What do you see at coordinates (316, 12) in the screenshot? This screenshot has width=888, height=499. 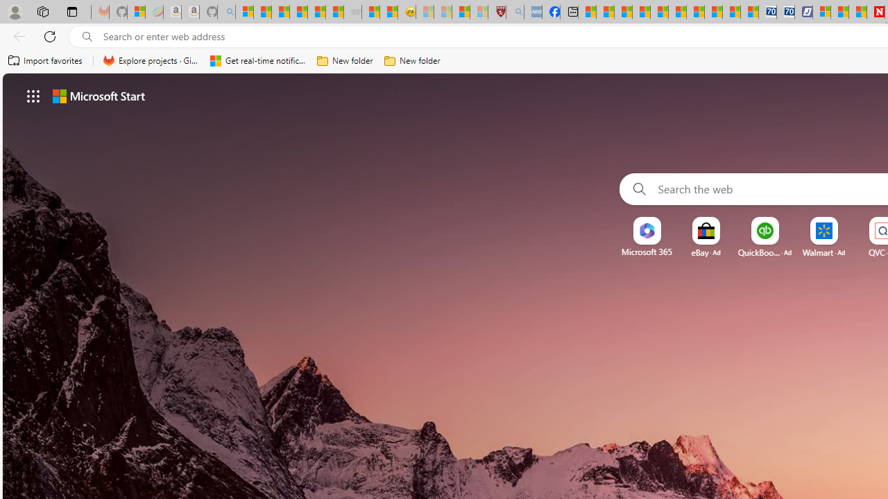 I see `'New Report Confirms 2023 Was Record Hot | Watch'` at bounding box center [316, 12].